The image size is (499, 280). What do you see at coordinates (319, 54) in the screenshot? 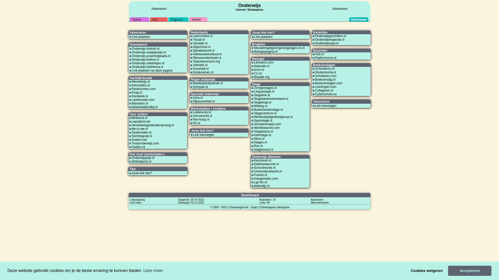
I see `'Aob.nl'` at bounding box center [319, 54].